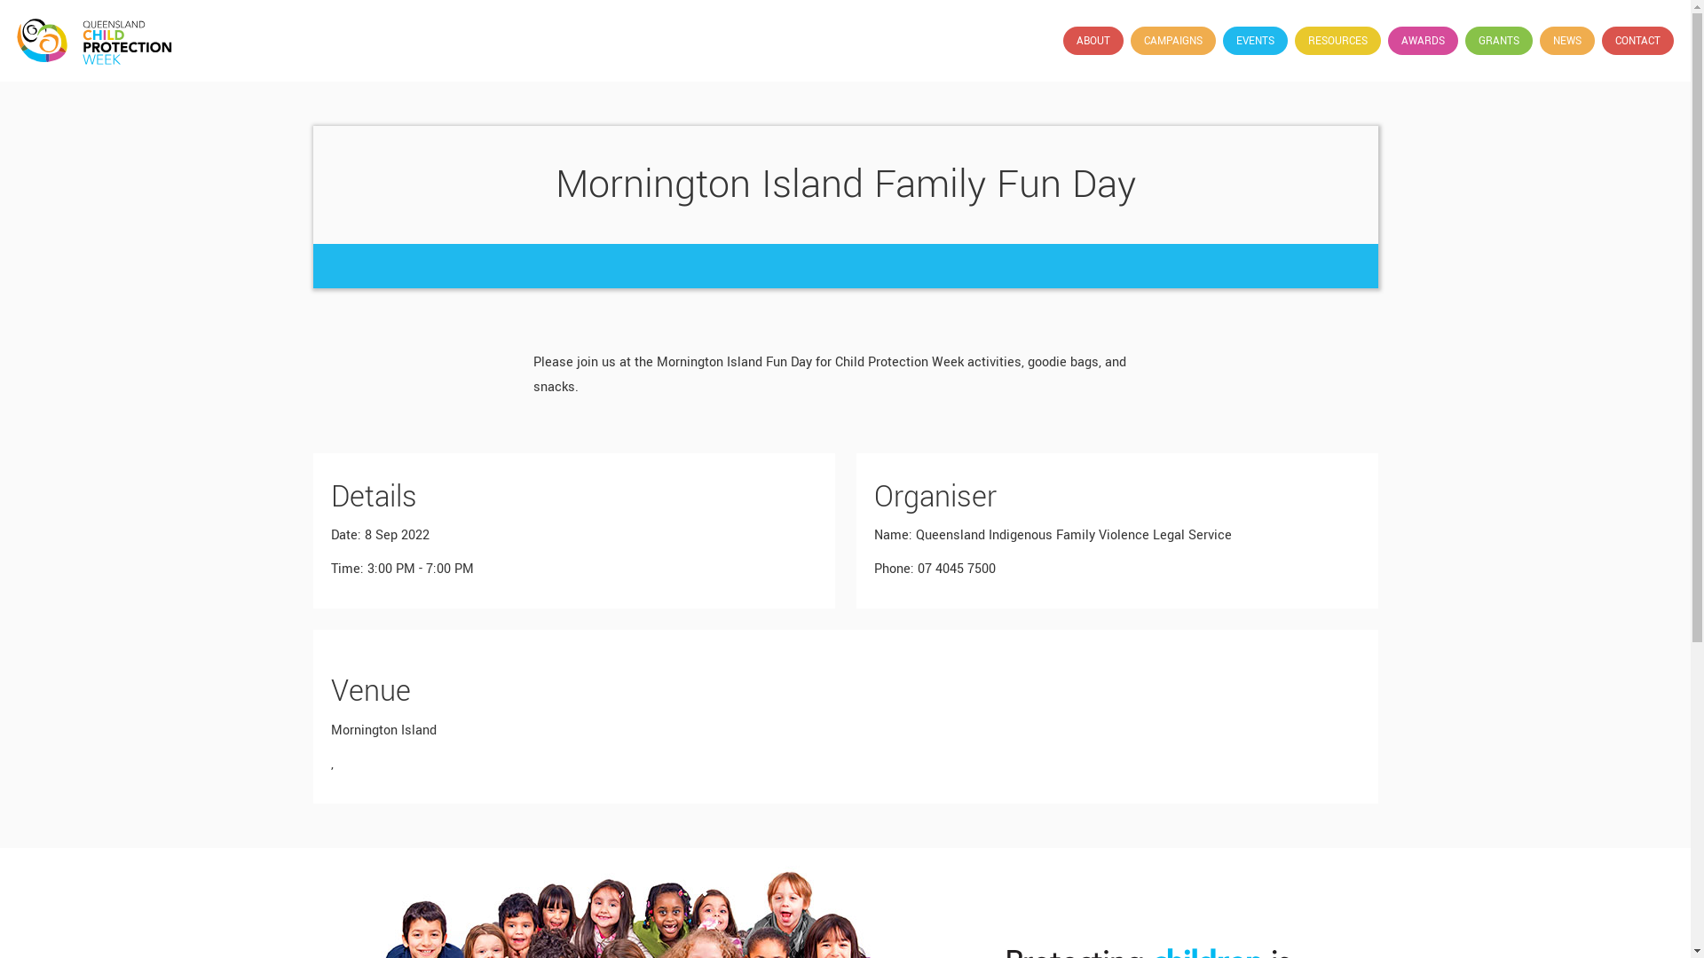 This screenshot has height=958, width=1704. Describe the element at coordinates (1295, 40) in the screenshot. I see `'RESOURCES'` at that location.